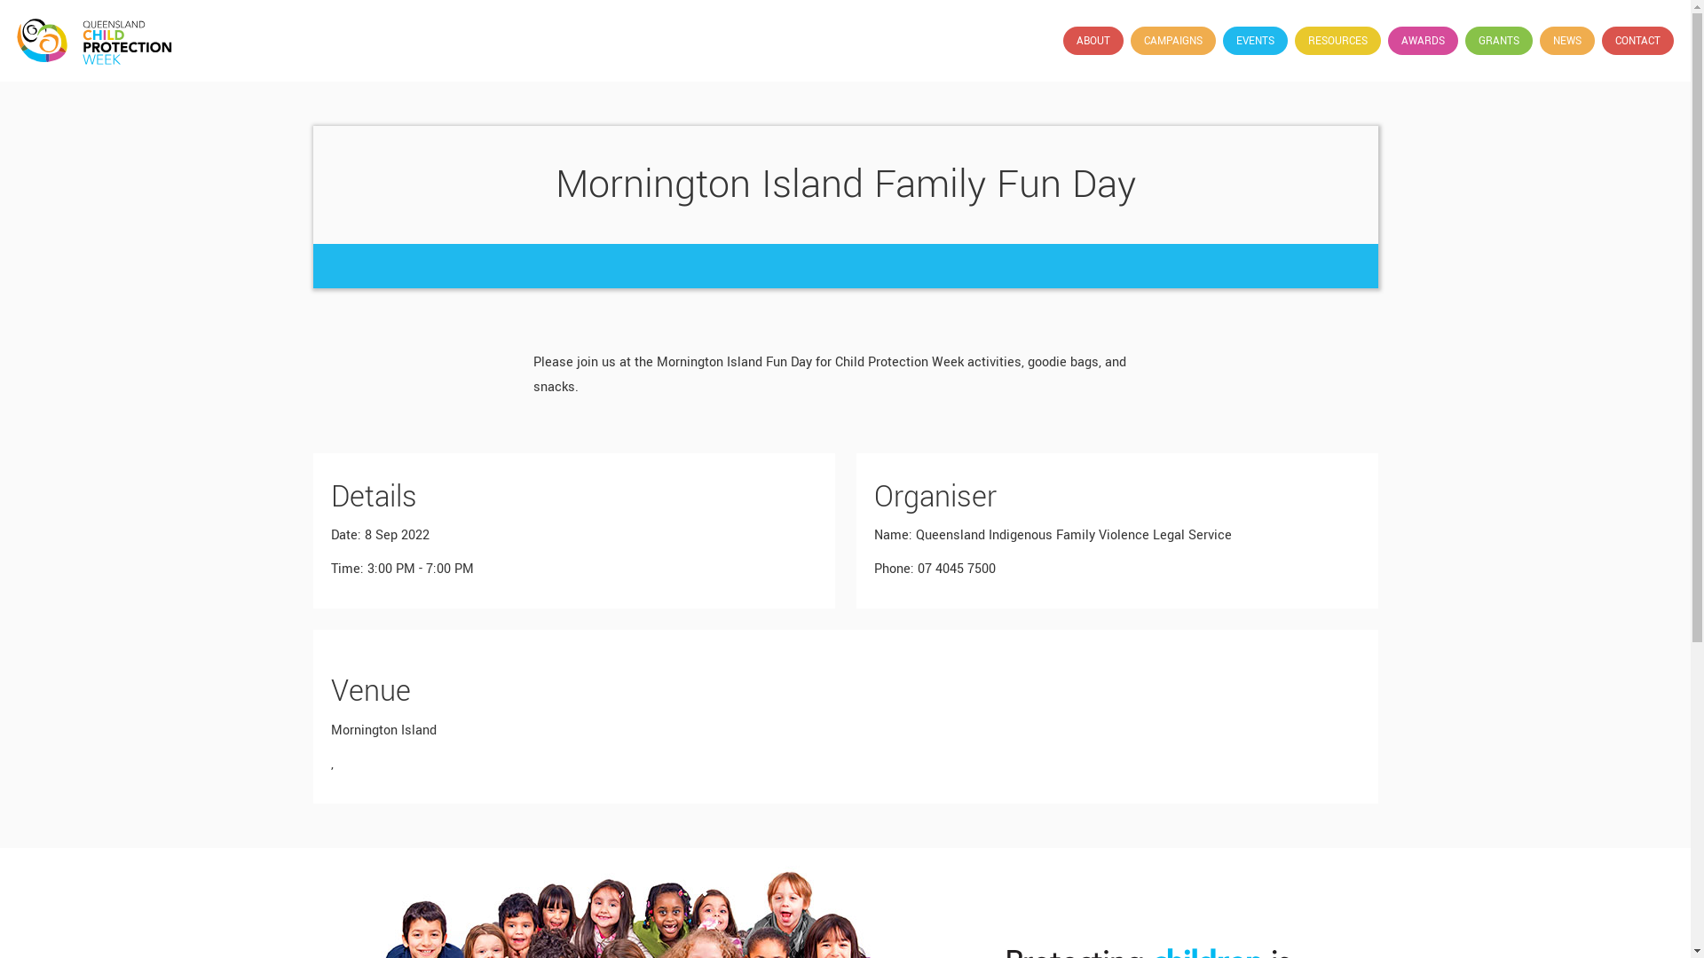 This screenshot has height=958, width=1704. Describe the element at coordinates (1295, 40) in the screenshot. I see `'RESOURCES'` at that location.